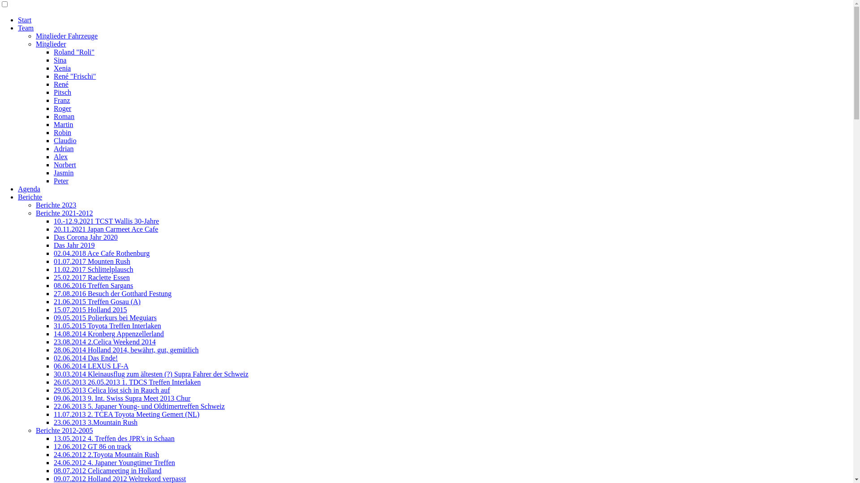 The width and height of the screenshot is (860, 483). Describe the element at coordinates (53, 422) in the screenshot. I see `'23.06.2013 3.Mountain Rush'` at that location.